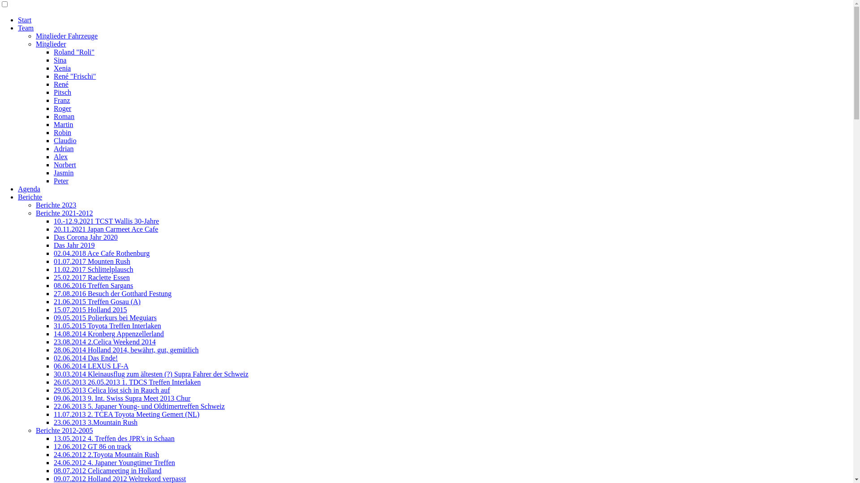 The width and height of the screenshot is (860, 483). Describe the element at coordinates (53, 422) in the screenshot. I see `'23.06.2013 3.Mountain Rush'` at that location.